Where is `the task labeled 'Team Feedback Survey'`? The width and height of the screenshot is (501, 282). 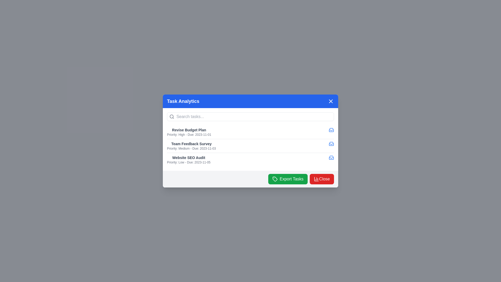
the task labeled 'Team Feedback Survey' is located at coordinates (250, 146).